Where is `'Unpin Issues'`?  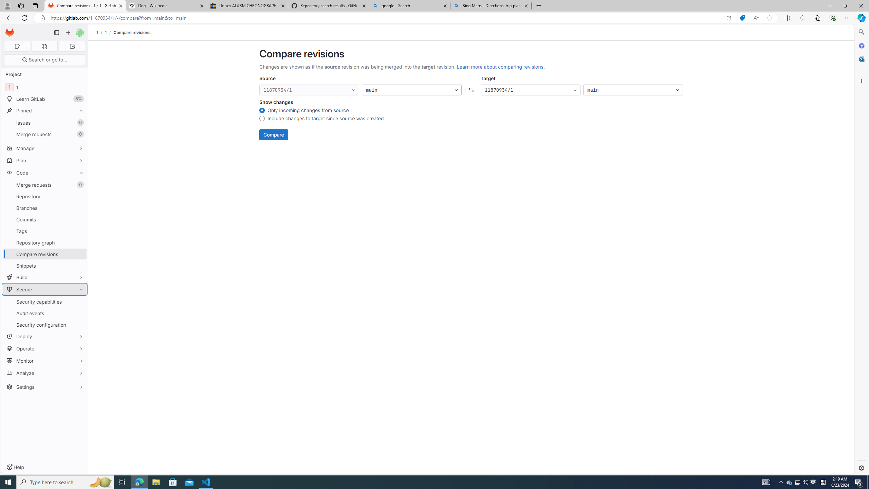
'Unpin Issues' is located at coordinates (79, 122).